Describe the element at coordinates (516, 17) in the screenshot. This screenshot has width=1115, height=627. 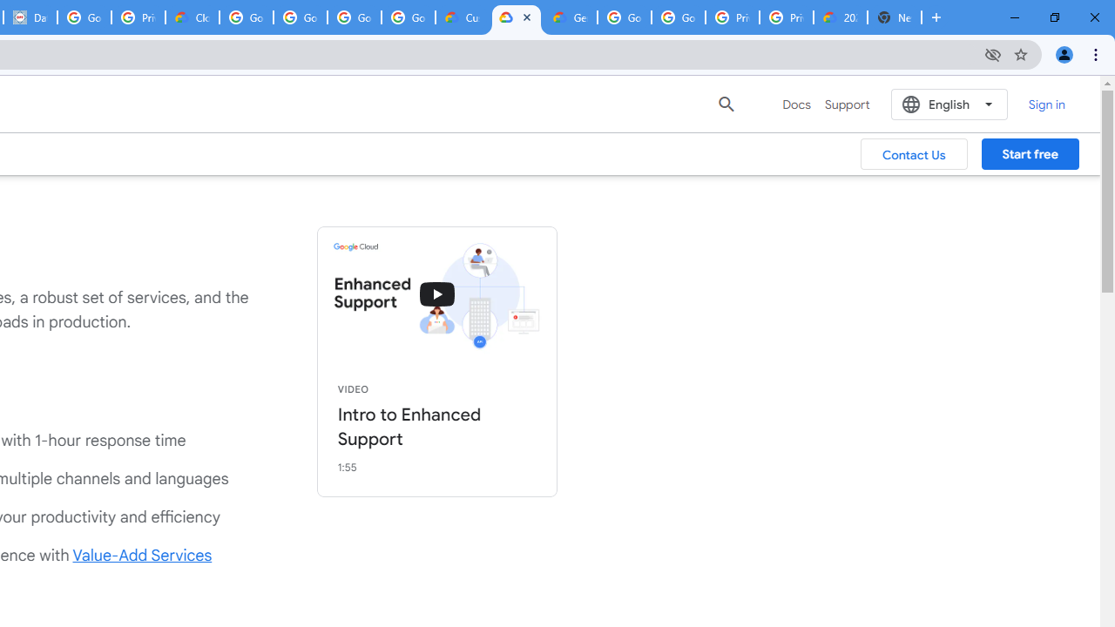
I see `'Enhanced Support | Google Cloud'` at that location.